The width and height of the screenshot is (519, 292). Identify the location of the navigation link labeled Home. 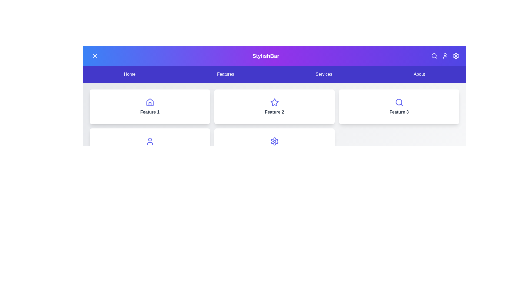
(130, 74).